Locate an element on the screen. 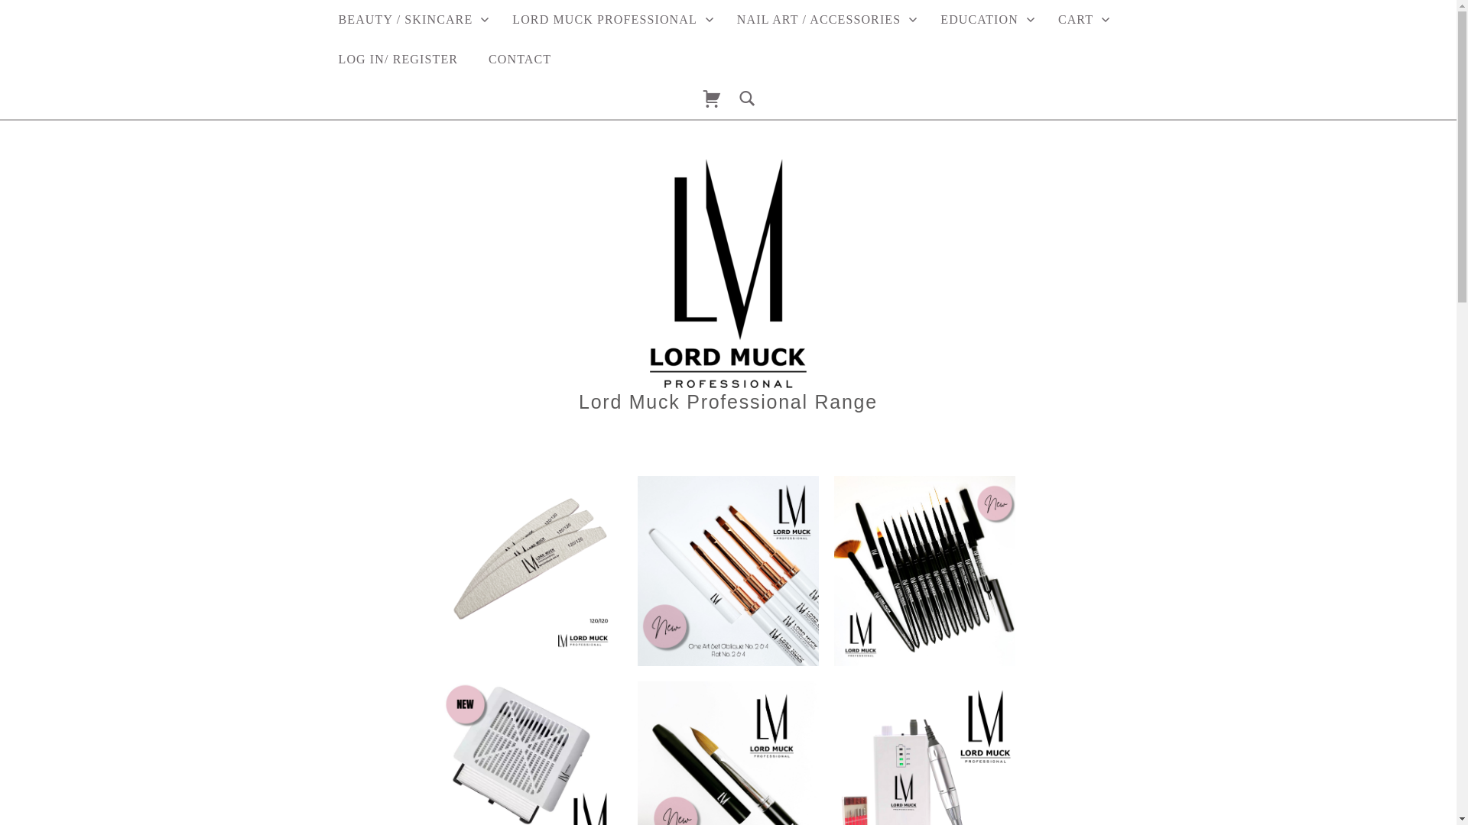 This screenshot has height=825, width=1468. 'LORD MUCK PROFESSIONAL' is located at coordinates (608, 20).